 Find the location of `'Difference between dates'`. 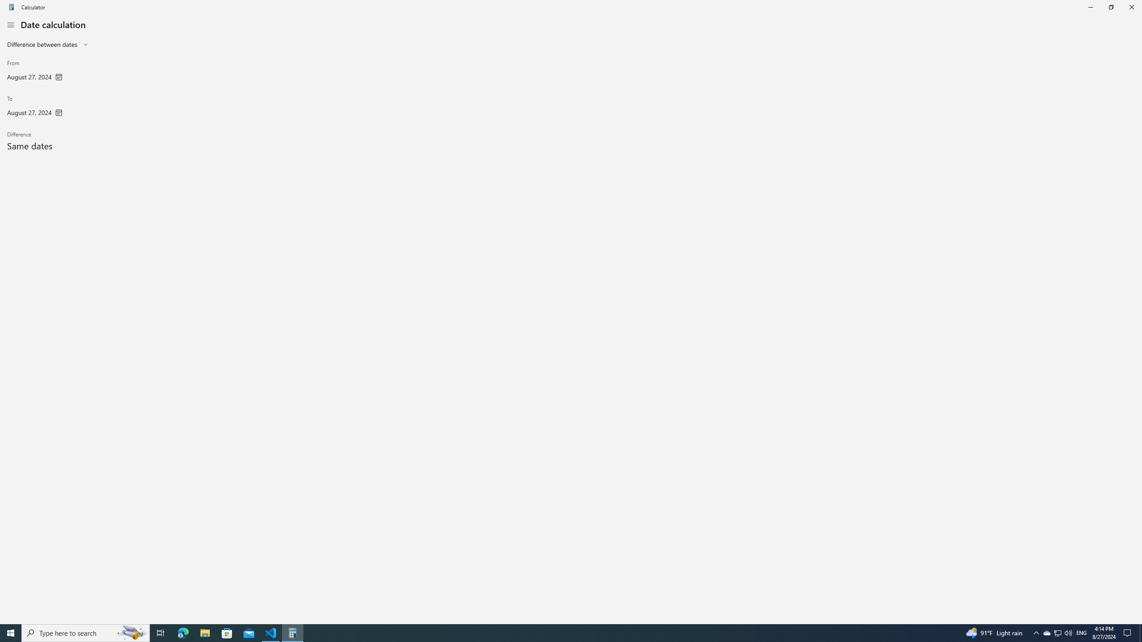

'Difference between dates' is located at coordinates (41, 44).